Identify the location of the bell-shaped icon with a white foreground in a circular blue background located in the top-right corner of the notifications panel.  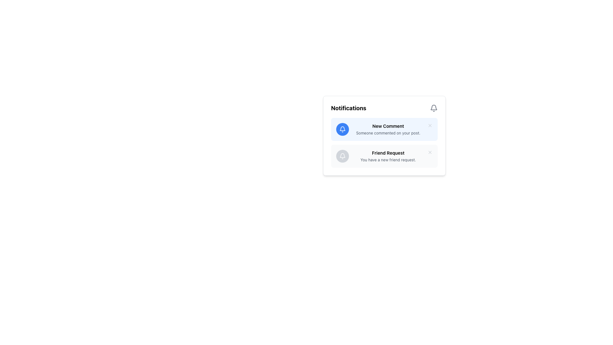
(342, 129).